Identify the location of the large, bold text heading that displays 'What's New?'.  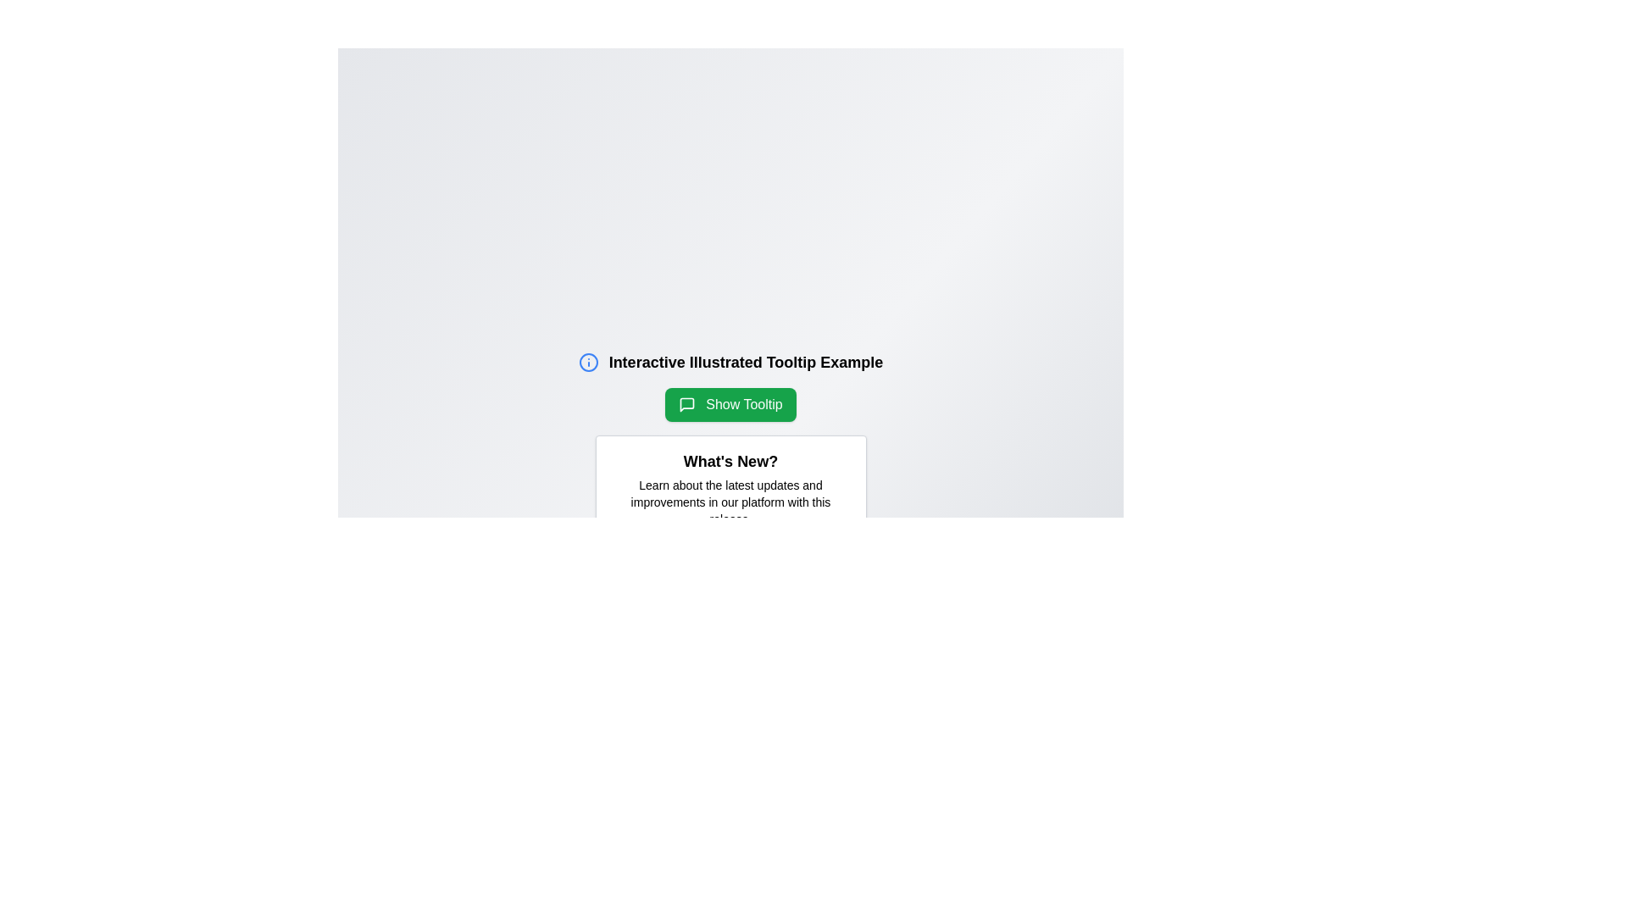
(730, 461).